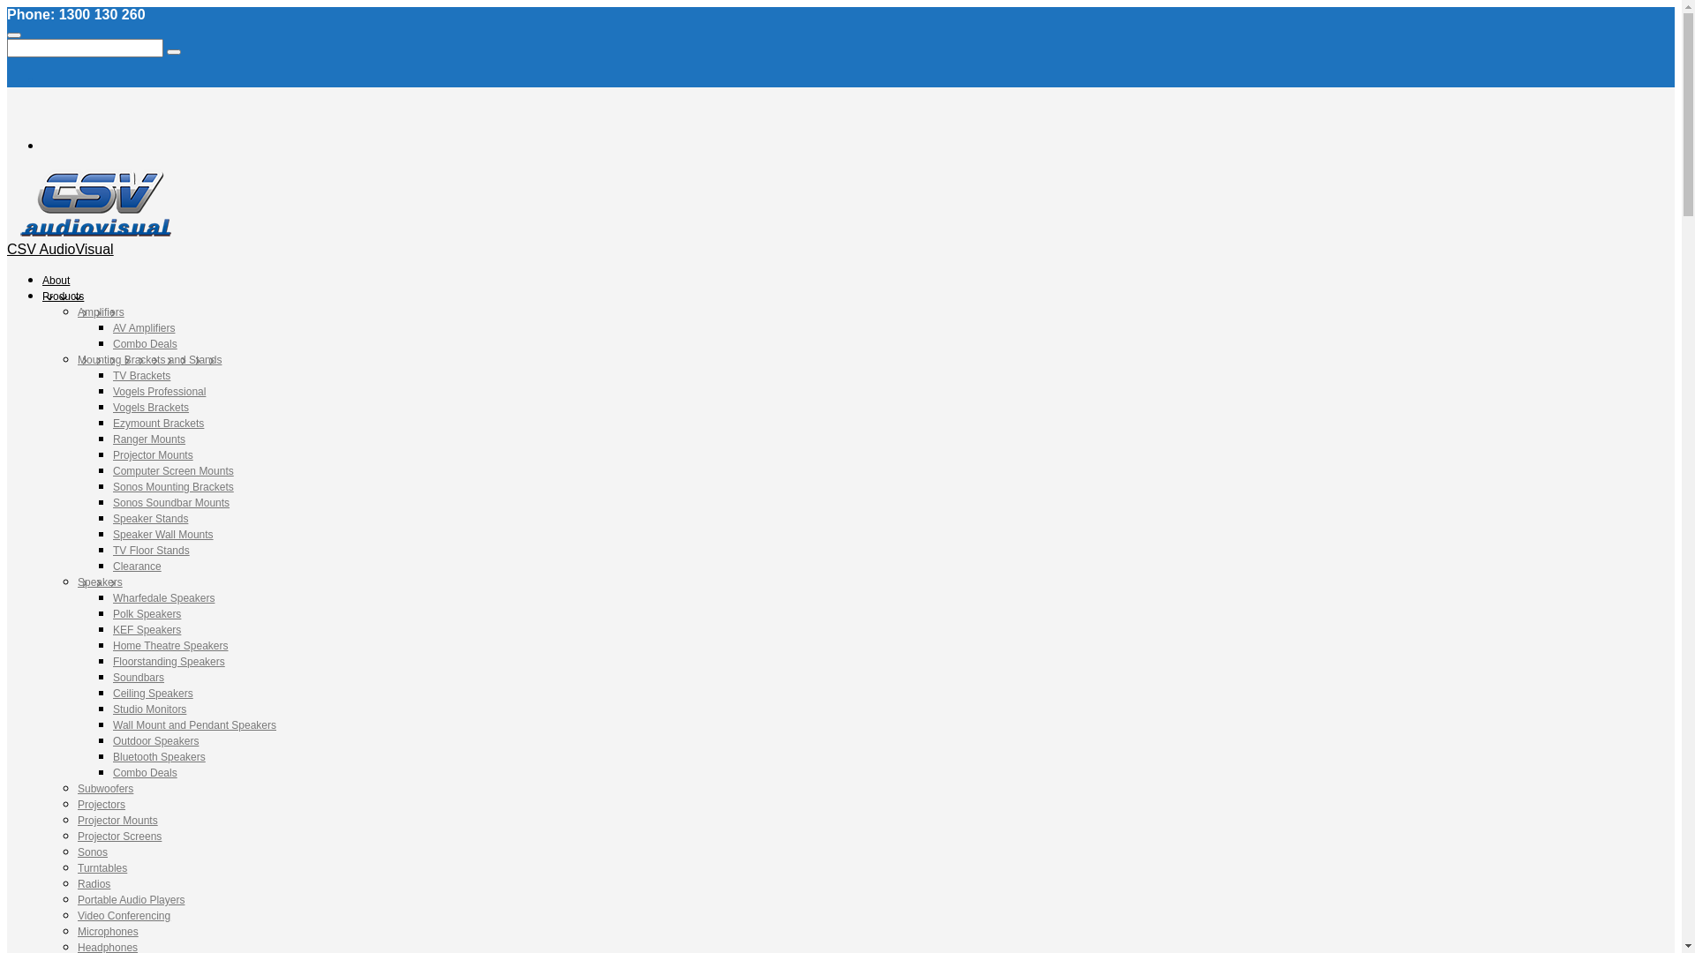 The image size is (1695, 953). Describe the element at coordinates (101, 867) in the screenshot. I see `'Turntables'` at that location.